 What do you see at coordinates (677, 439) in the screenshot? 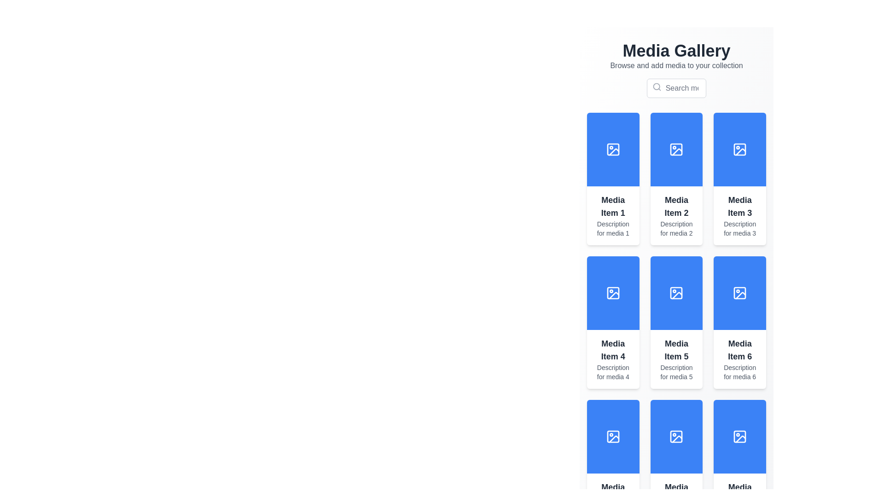
I see `the icon representing an image or media item, which features a line-drawn depiction of a landscape with mountains and a sun, located in the sixth column of the second row from the bottom on a blue background` at bounding box center [677, 439].